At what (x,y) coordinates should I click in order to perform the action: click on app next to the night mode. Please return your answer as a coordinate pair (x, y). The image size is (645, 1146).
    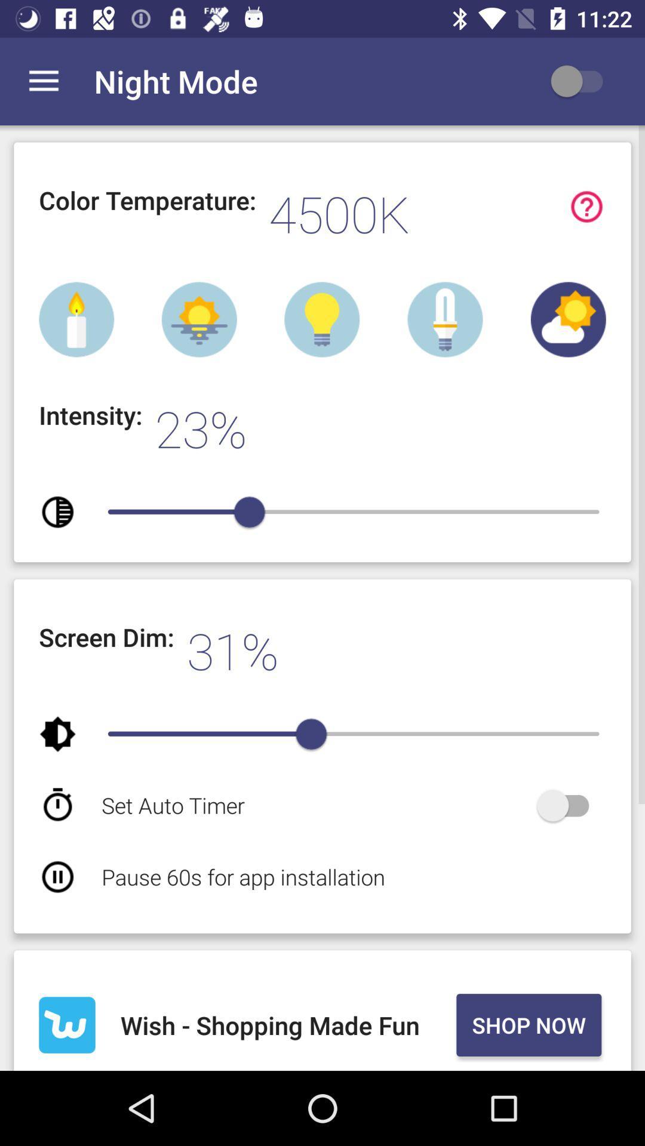
    Looking at the image, I should click on (582, 81).